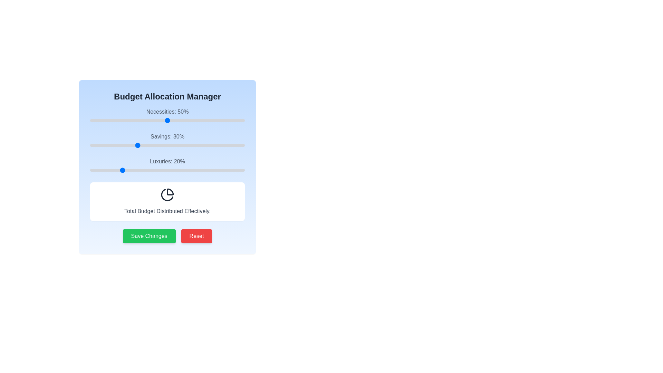 The image size is (663, 373). What do you see at coordinates (209, 145) in the screenshot?
I see `savings percentage` at bounding box center [209, 145].